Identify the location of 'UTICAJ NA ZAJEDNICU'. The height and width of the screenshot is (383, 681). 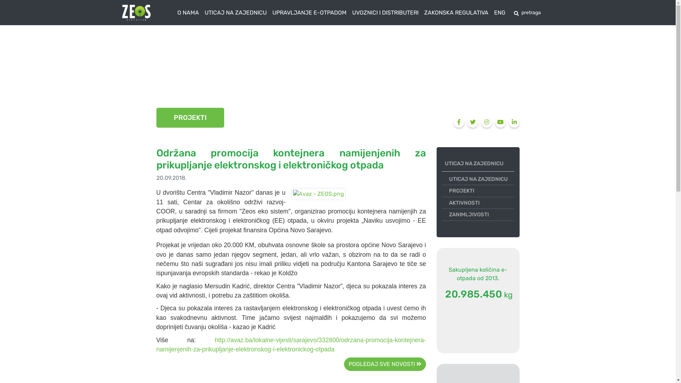
(235, 12).